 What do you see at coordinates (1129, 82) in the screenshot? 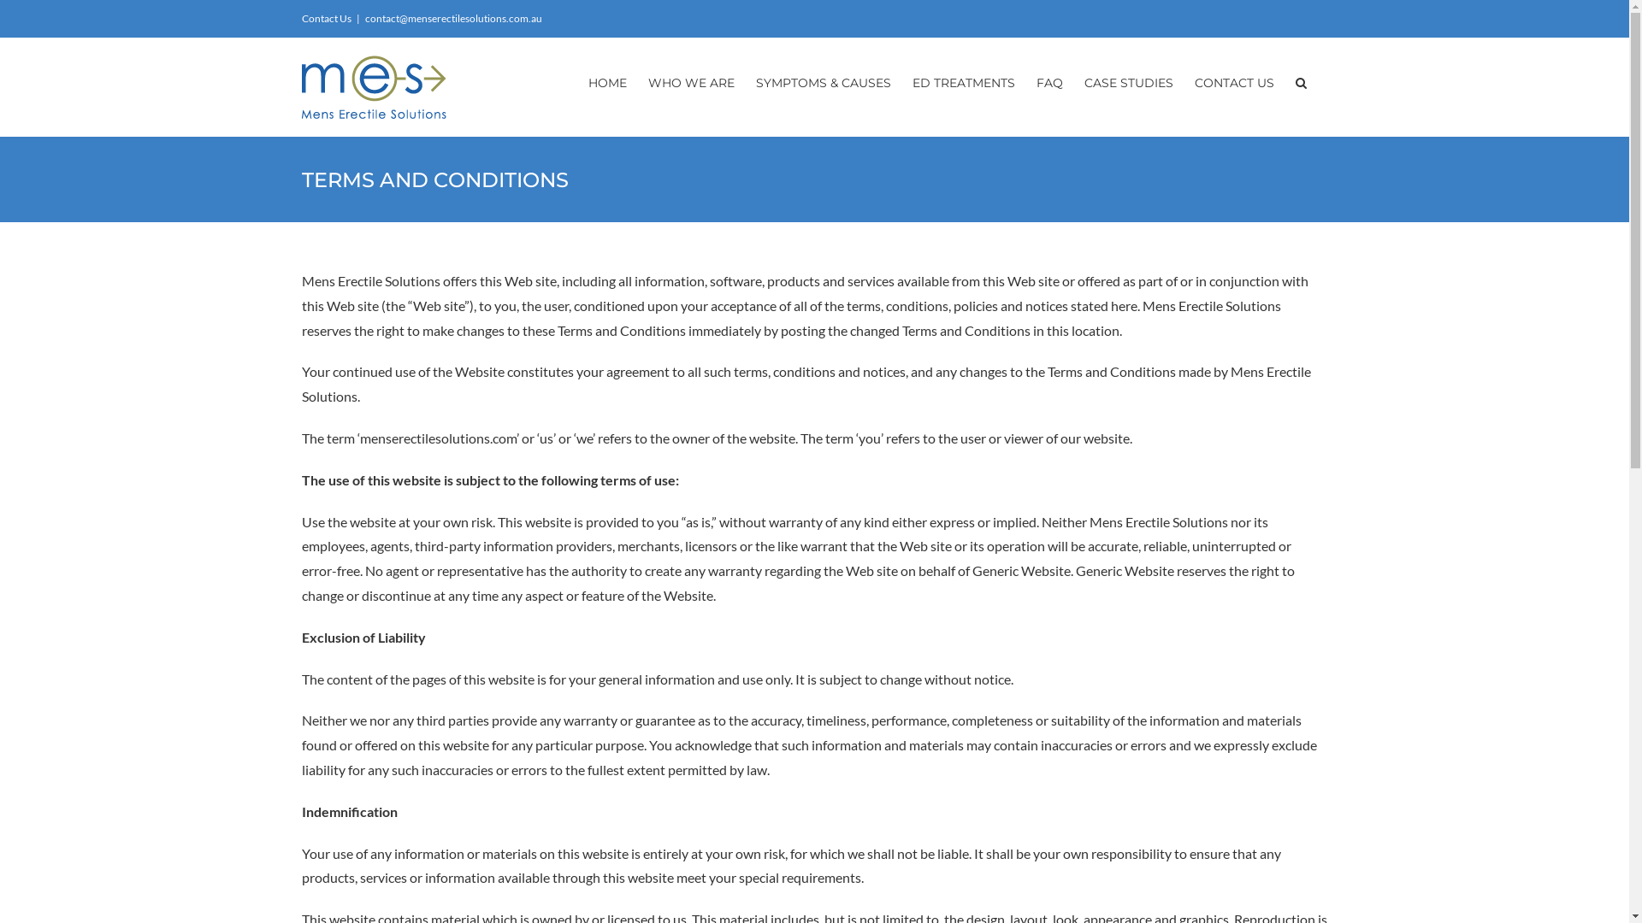
I see `'CASE STUDIES'` at bounding box center [1129, 82].